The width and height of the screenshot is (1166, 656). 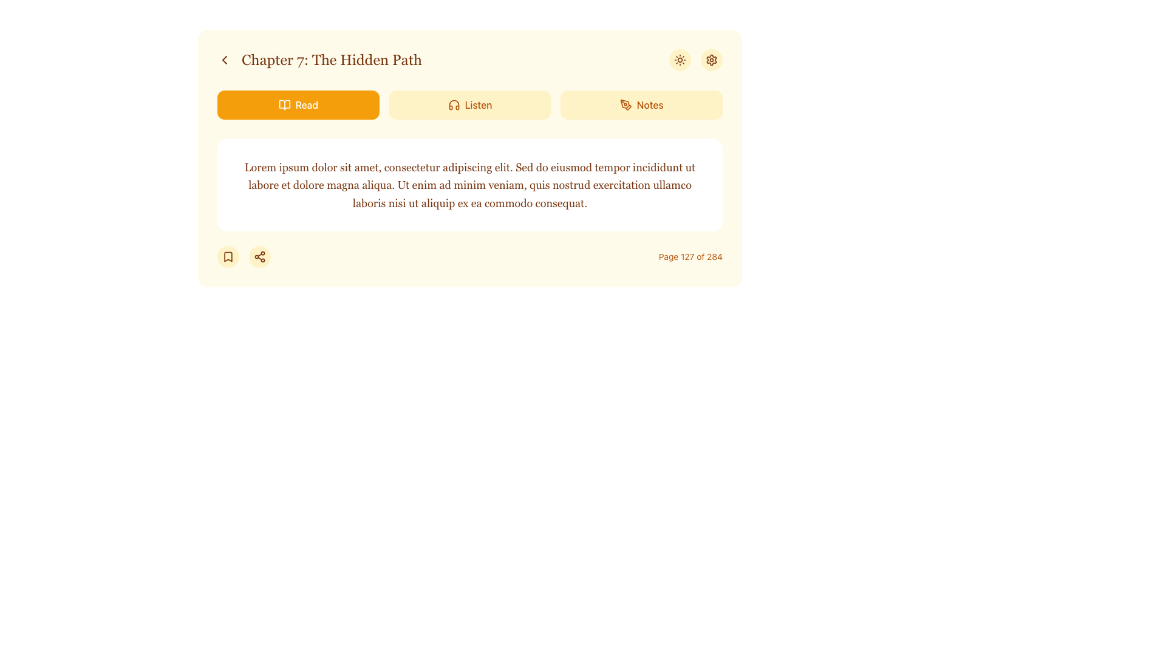 What do you see at coordinates (469, 185) in the screenshot?
I see `the text block containing 'Lorem ipsum dolor sit amet, consectetur adipiscing elit...' which is located below the buttons labeled 'Read', 'Listen', and 'Notes', and above the footer displaying pagination information` at bounding box center [469, 185].